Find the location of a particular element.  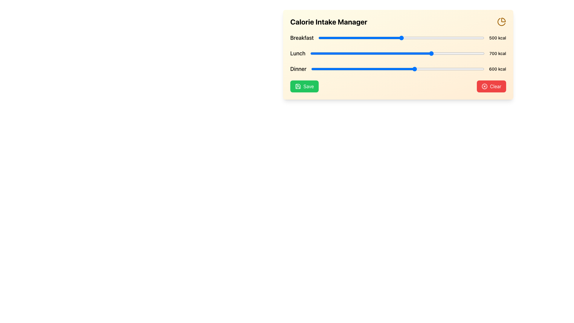

the lunch kcal value is located at coordinates (481, 53).